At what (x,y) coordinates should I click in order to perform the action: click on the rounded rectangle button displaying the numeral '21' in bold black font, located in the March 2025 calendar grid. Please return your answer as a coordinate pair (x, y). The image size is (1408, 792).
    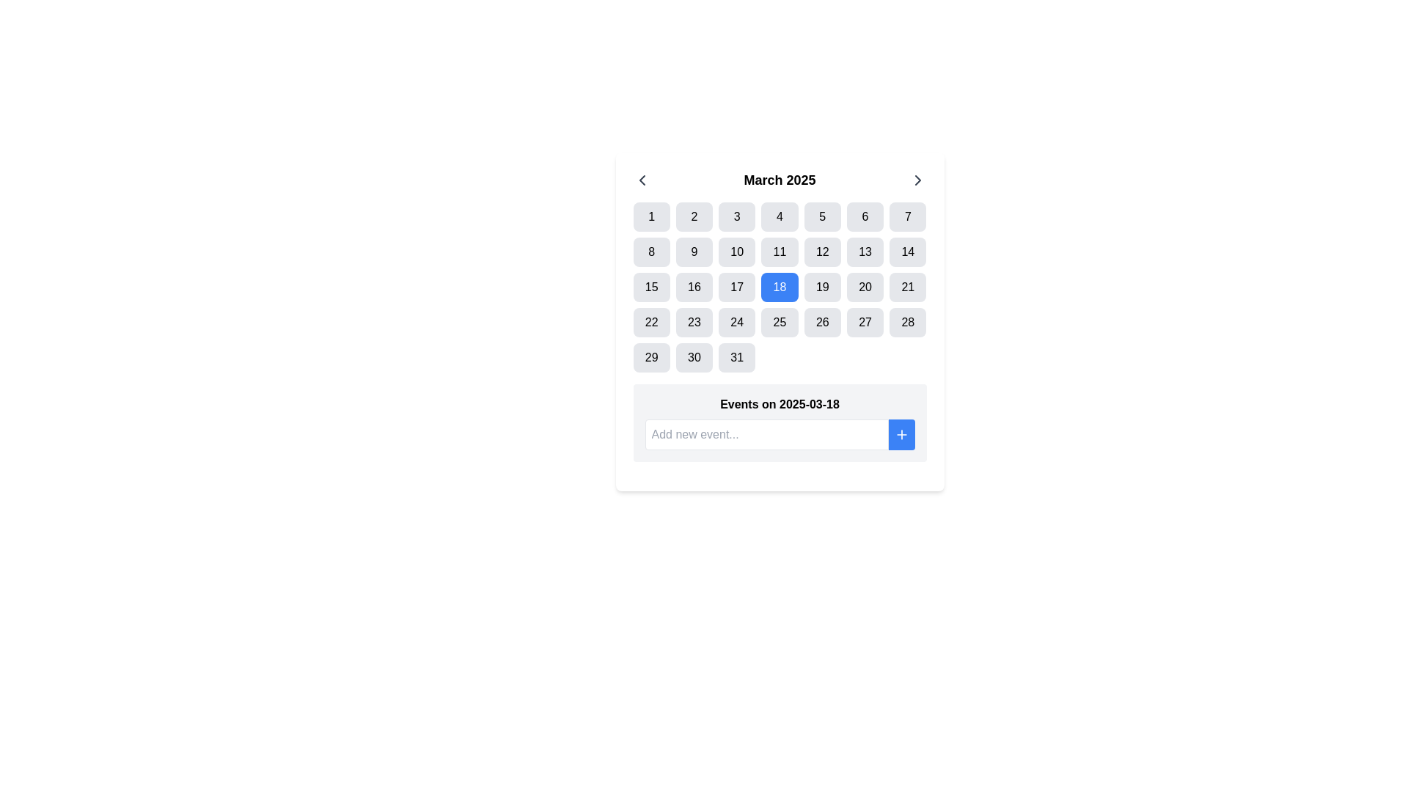
    Looking at the image, I should click on (907, 287).